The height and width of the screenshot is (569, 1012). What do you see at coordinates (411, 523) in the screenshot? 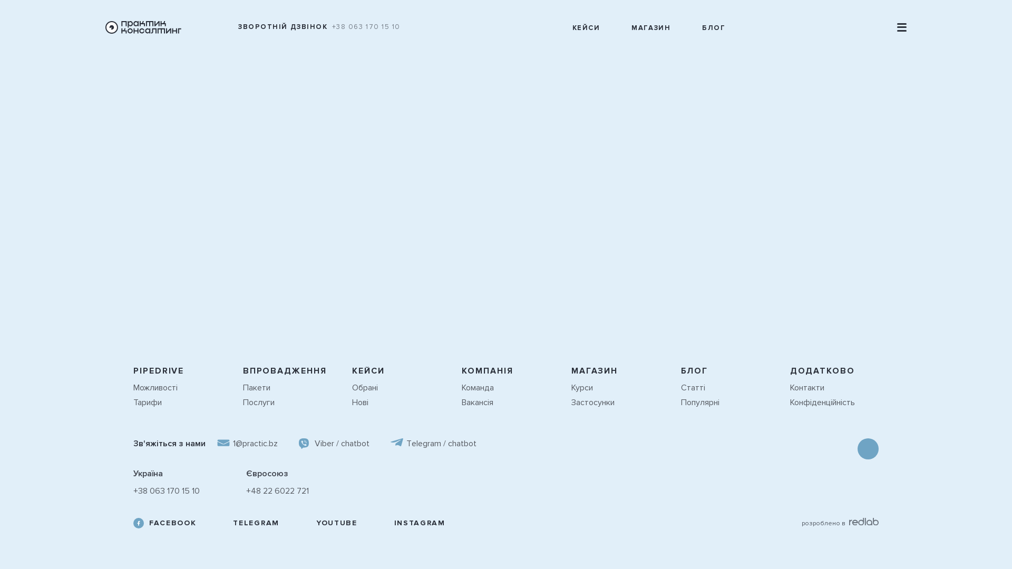
I see `'INSTAGRAM'` at bounding box center [411, 523].